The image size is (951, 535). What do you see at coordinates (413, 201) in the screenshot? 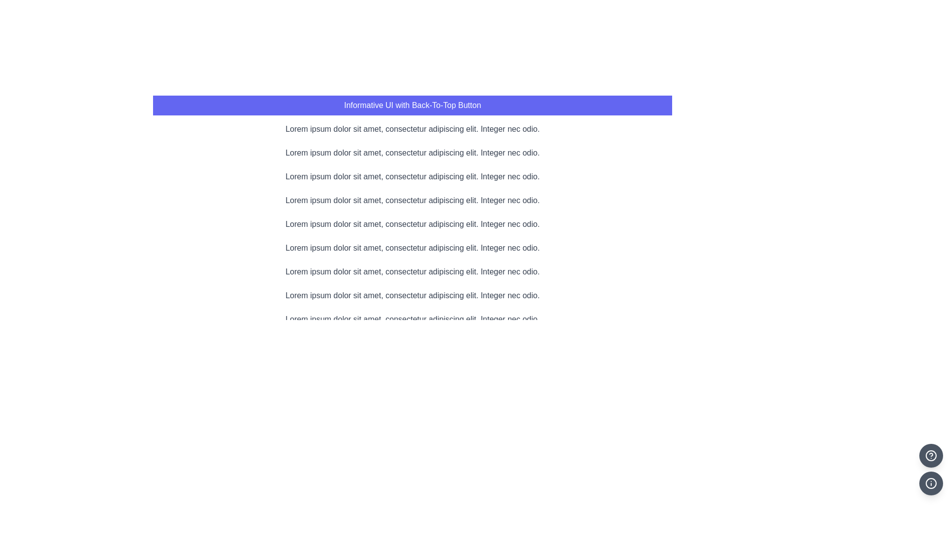
I see `the static text element that is the fourth item in a vertically stacked list` at bounding box center [413, 201].